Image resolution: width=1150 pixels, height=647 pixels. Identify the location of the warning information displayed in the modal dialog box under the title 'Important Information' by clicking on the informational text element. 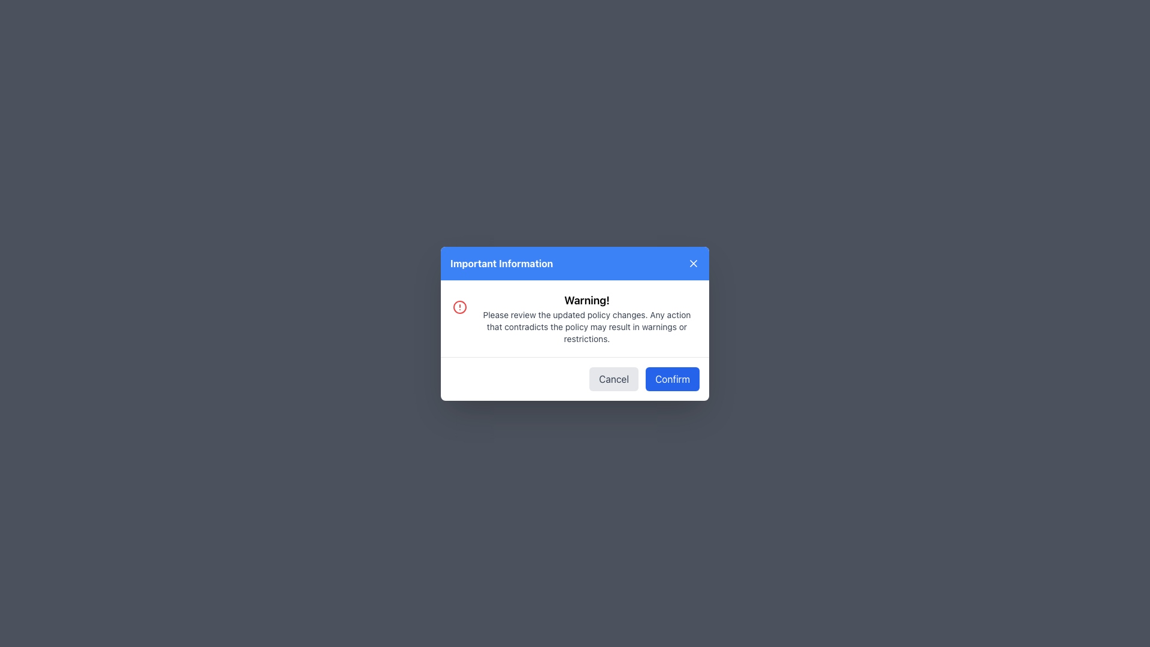
(575, 318).